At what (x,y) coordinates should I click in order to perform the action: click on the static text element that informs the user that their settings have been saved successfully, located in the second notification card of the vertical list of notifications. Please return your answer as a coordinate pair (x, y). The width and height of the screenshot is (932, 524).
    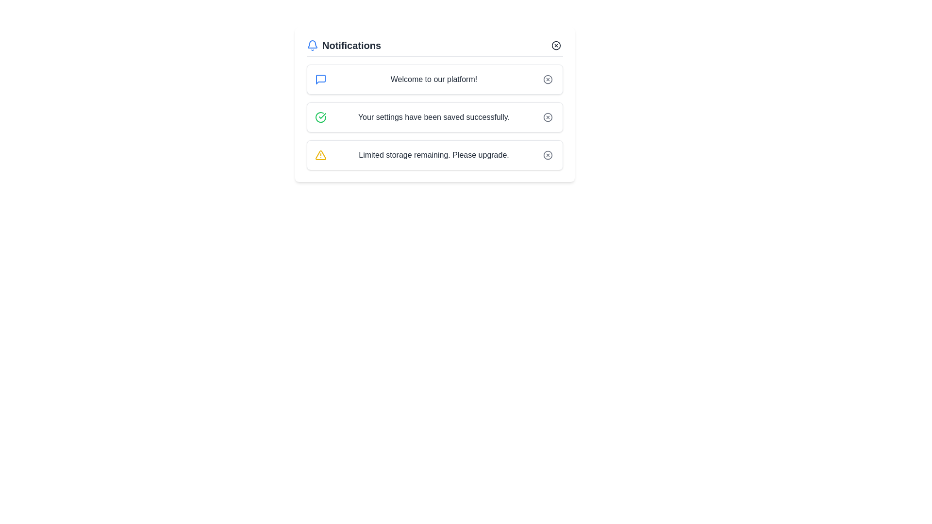
    Looking at the image, I should click on (433, 117).